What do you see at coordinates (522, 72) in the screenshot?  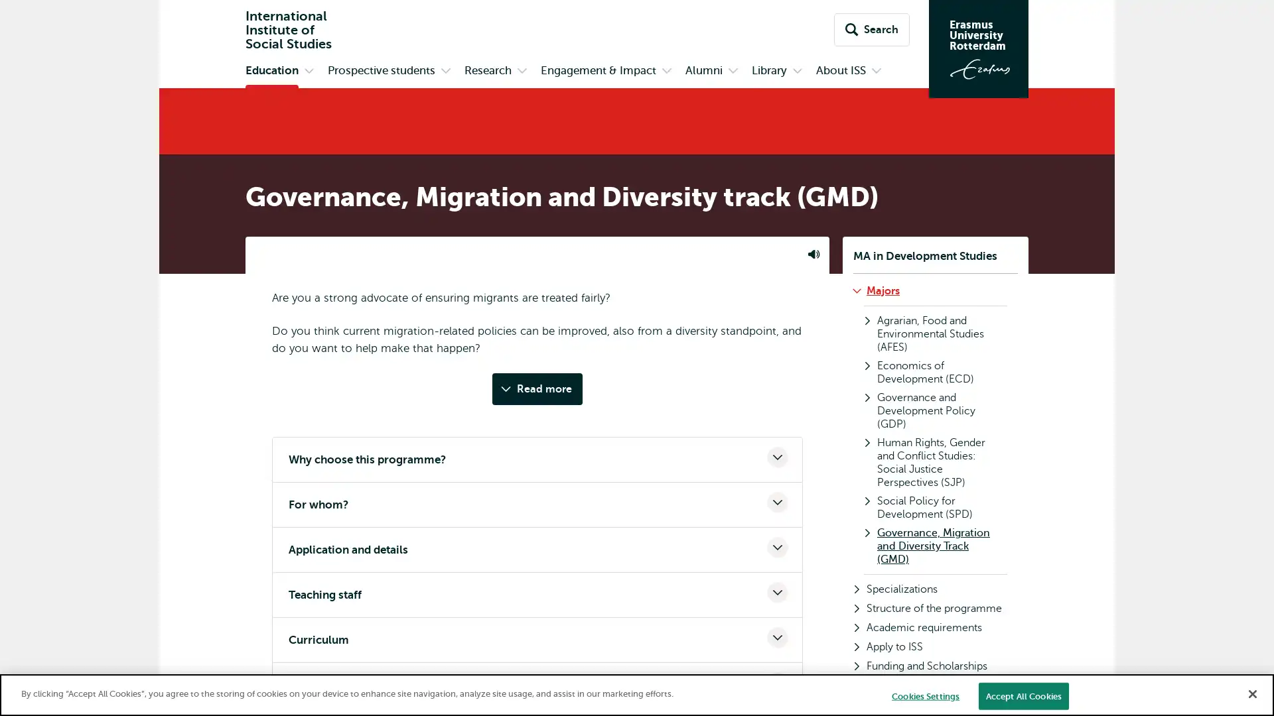 I see `Open submenu` at bounding box center [522, 72].